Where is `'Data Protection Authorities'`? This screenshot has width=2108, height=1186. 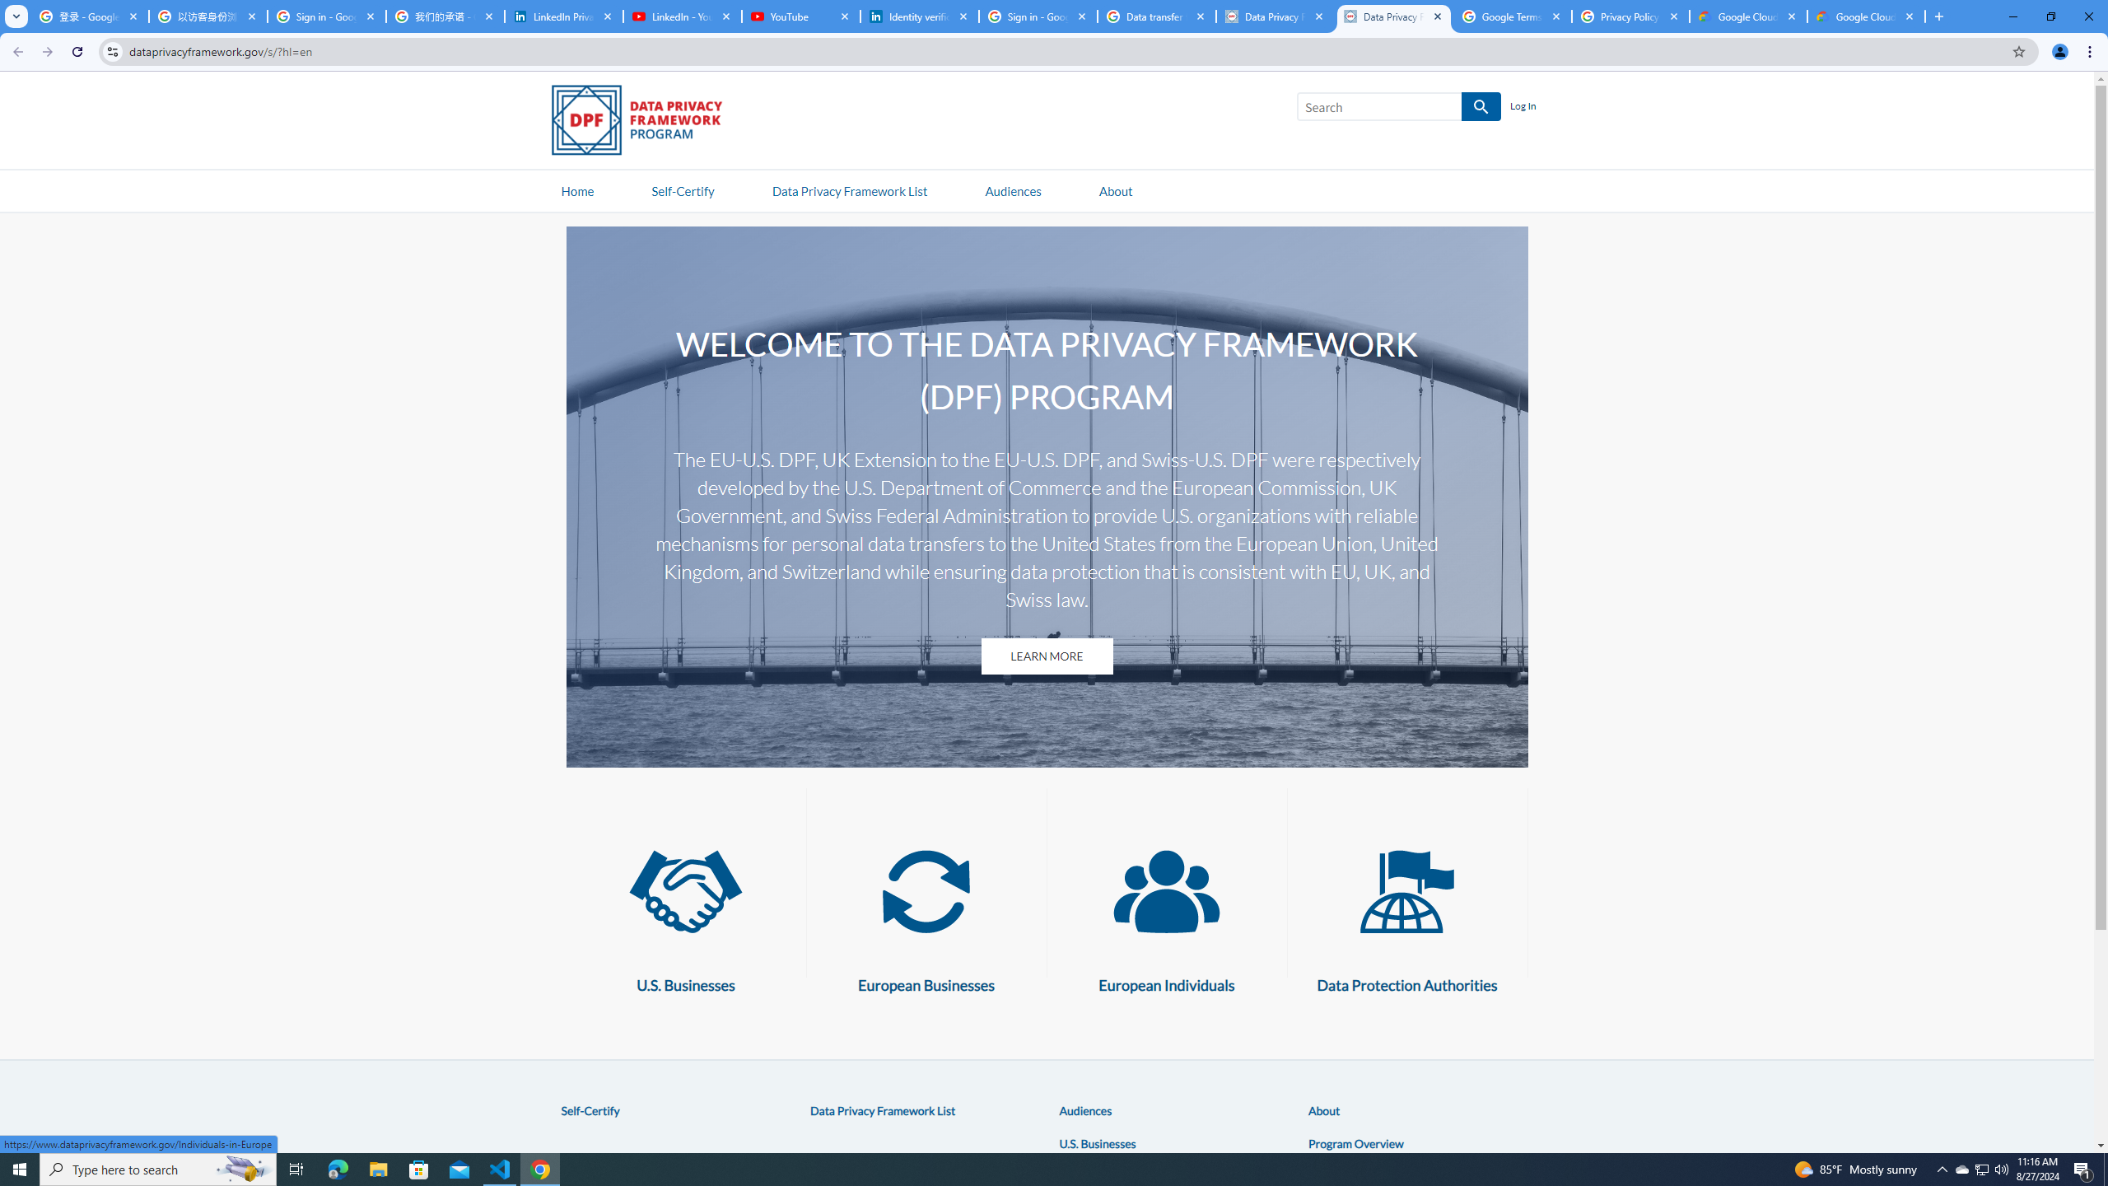 'Data Protection Authorities' is located at coordinates (1406, 890).